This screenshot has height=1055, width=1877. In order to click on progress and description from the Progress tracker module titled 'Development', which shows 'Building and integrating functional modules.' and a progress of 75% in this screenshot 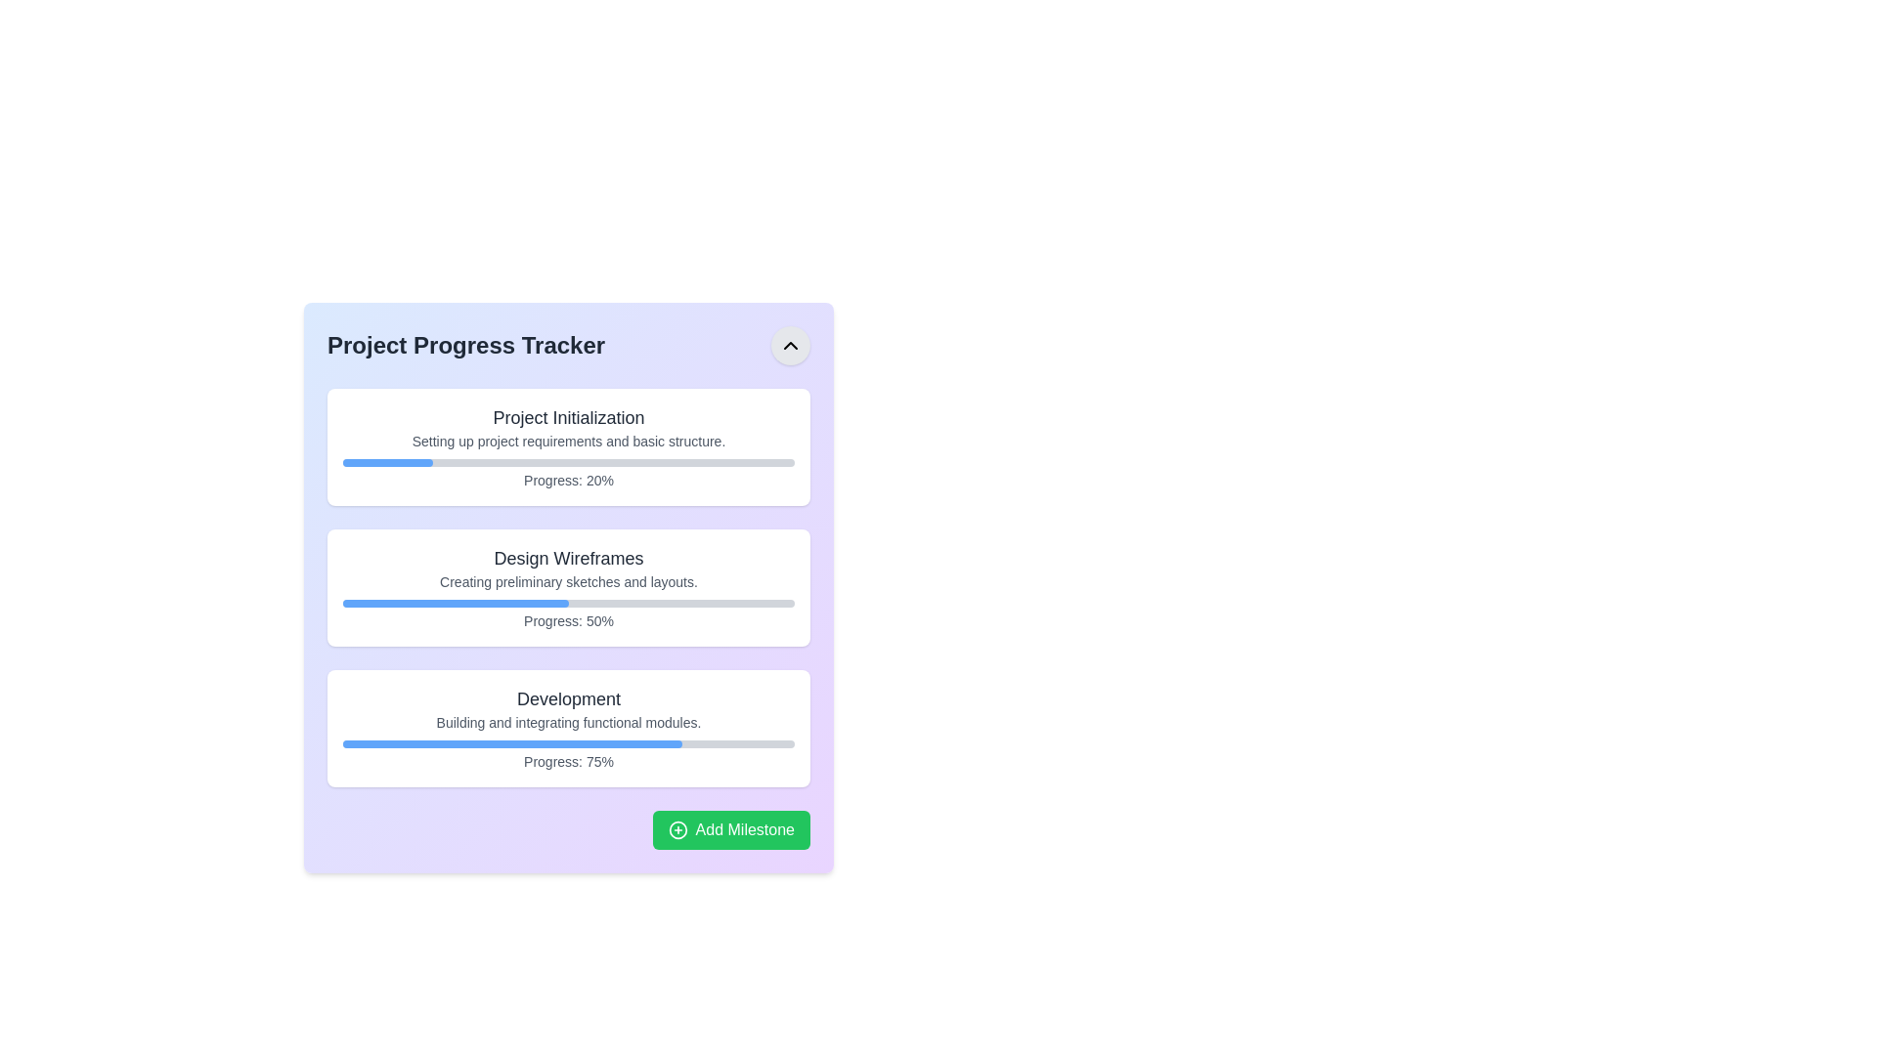, I will do `click(567, 728)`.